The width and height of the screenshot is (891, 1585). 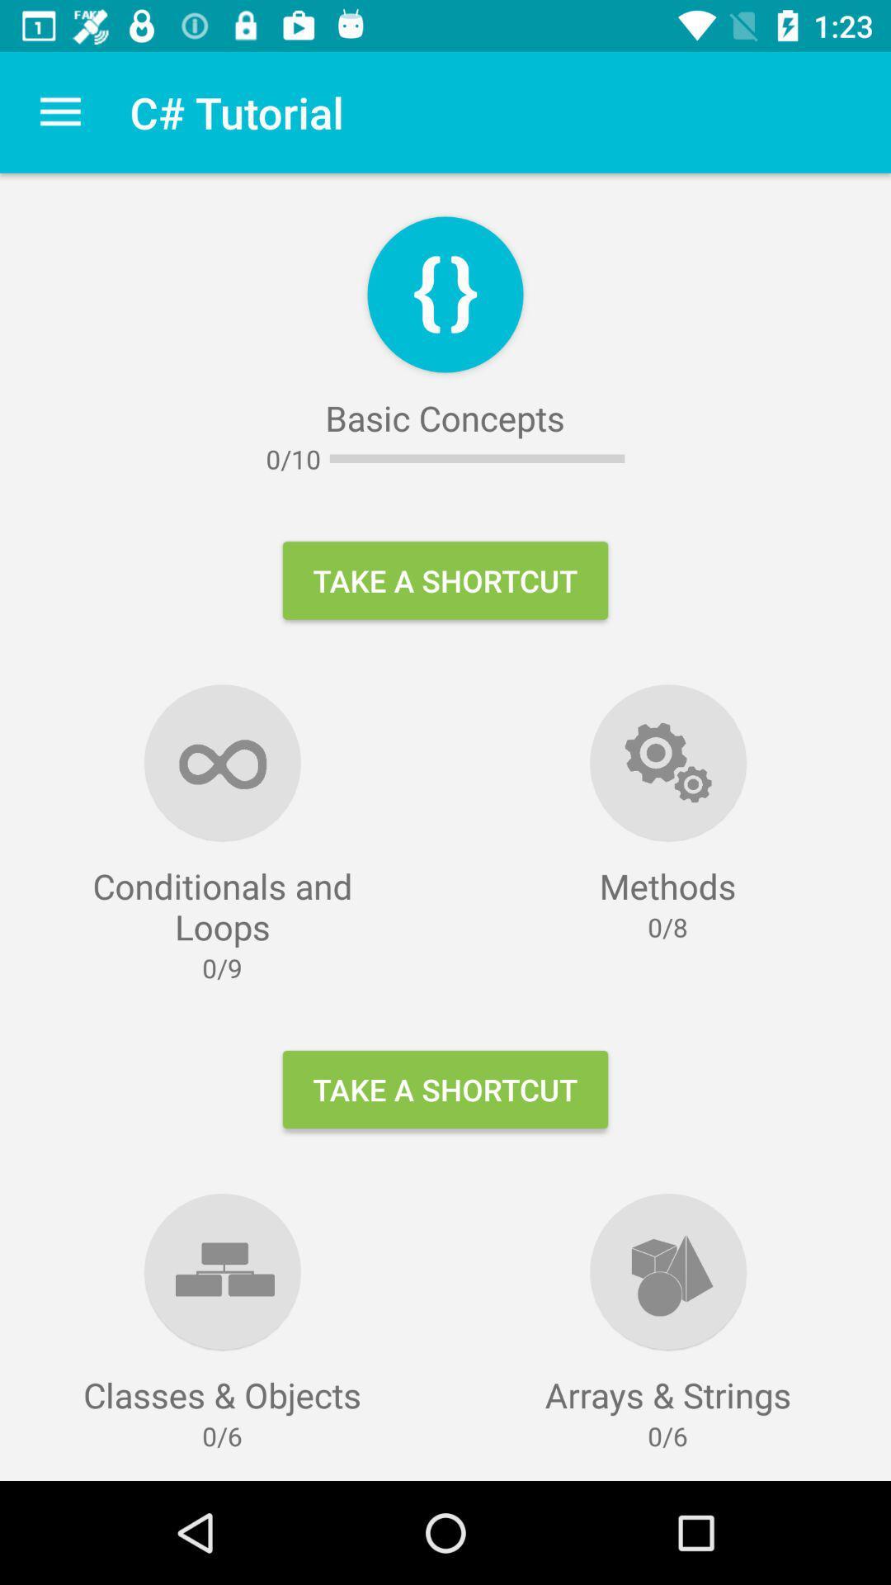 I want to click on item above conditionals and loops item, so click(x=59, y=111).